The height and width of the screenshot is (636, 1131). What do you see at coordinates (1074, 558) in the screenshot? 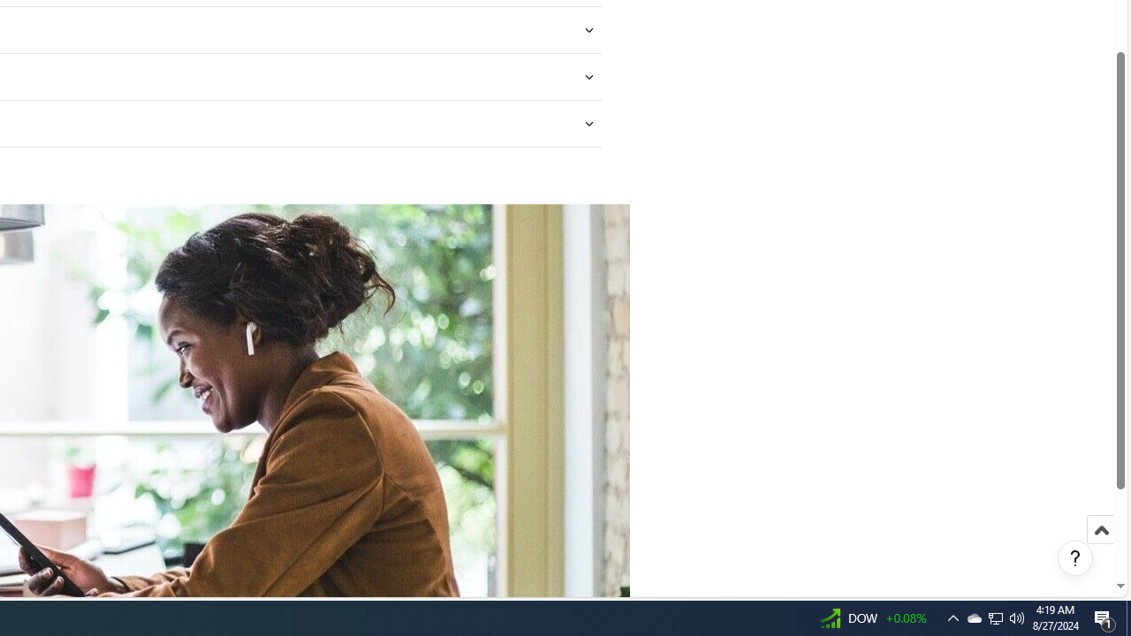
I see `'Help, opens dialogs'` at bounding box center [1074, 558].